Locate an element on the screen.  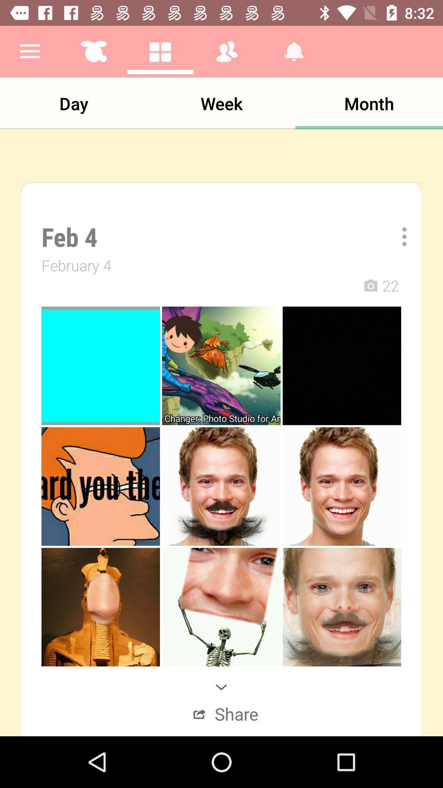
the item above the 22 is located at coordinates (398, 236).